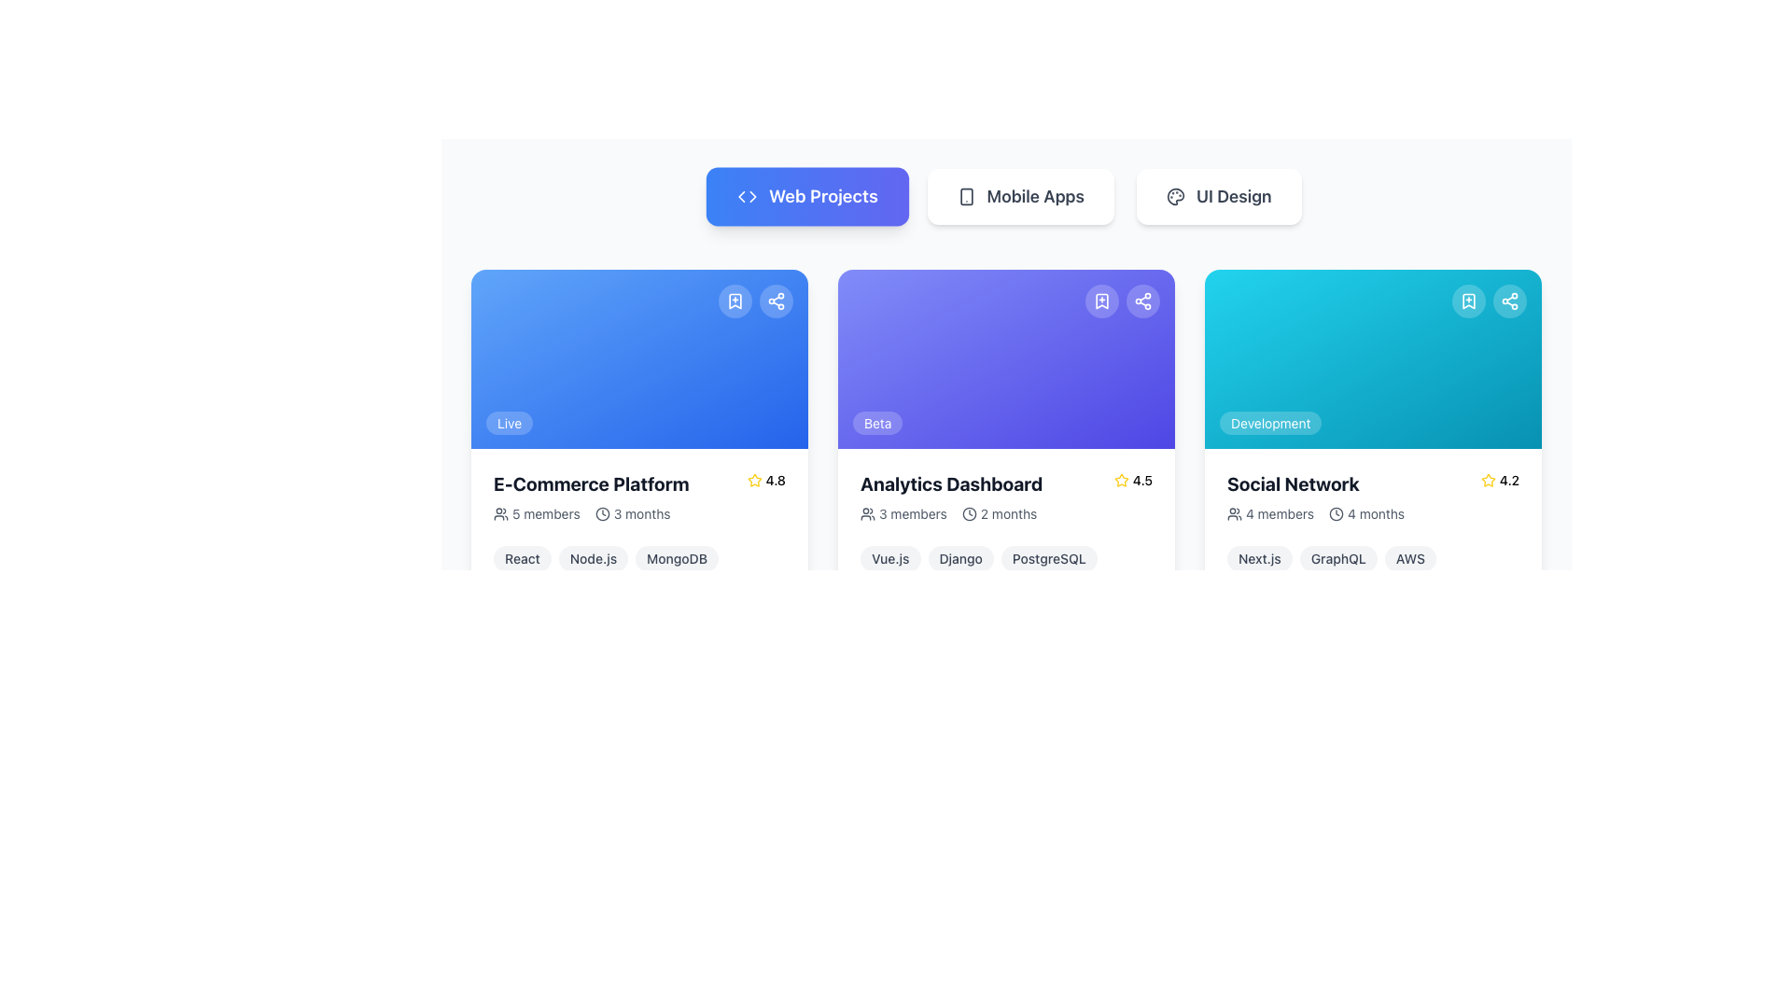 This screenshot has width=1792, height=1008. Describe the element at coordinates (1279, 514) in the screenshot. I see `the Text label that displays the number of members associated with the 'Social Network' project, positioned to the right of the user icon and adjacent to the time duration information '4 months'` at that location.